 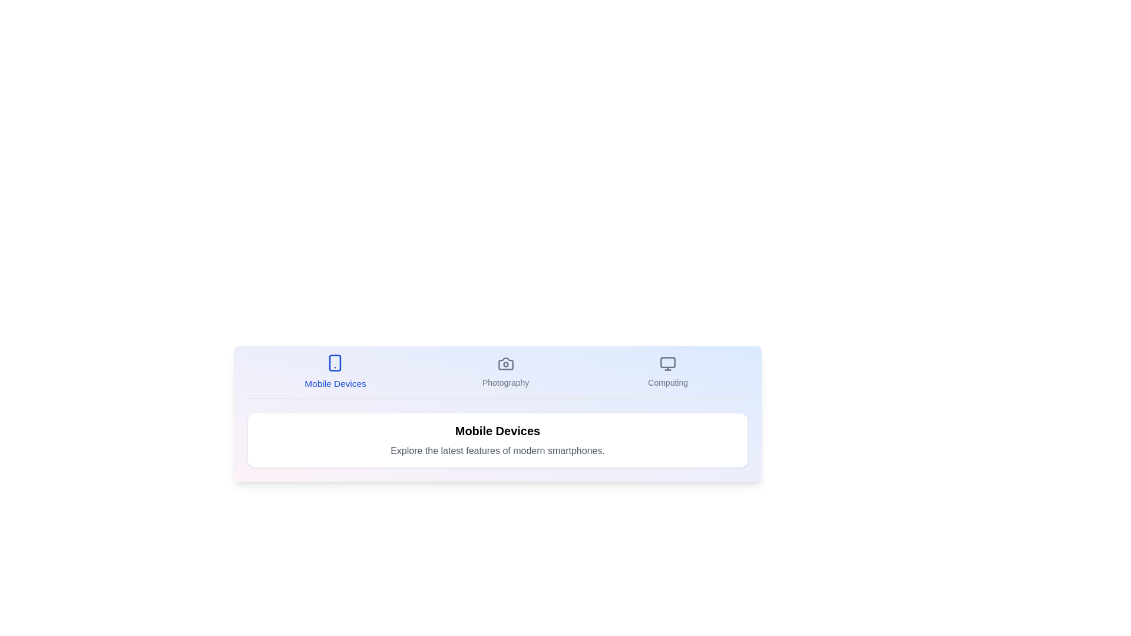 What do you see at coordinates (505, 372) in the screenshot?
I see `the Photography tab to display its content` at bounding box center [505, 372].